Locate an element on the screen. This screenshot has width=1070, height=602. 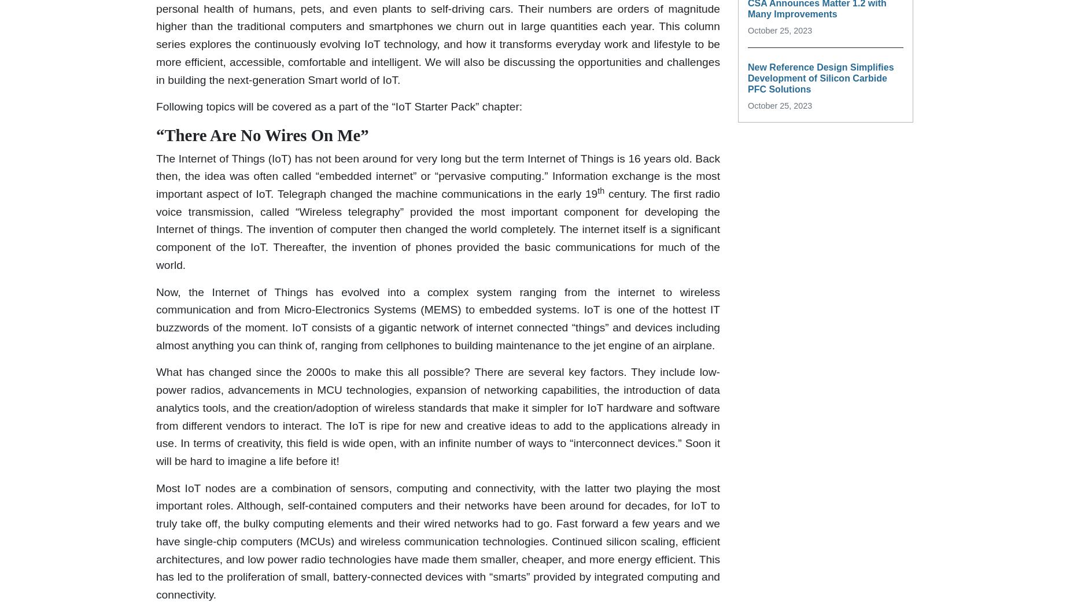
'th' is located at coordinates (600, 190).